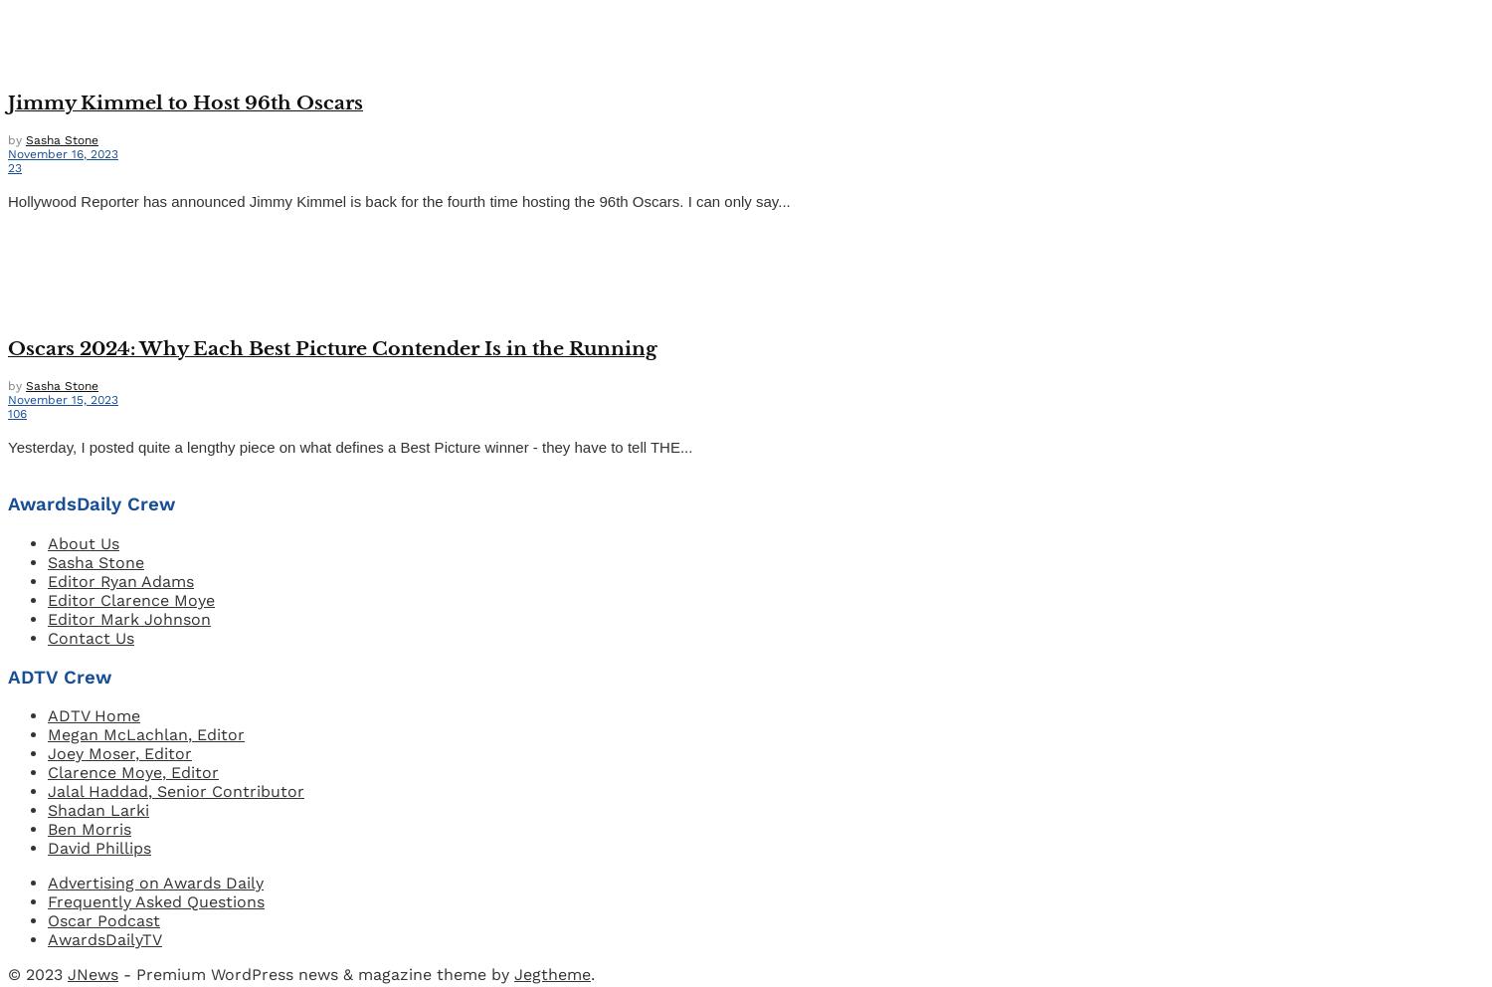 The image size is (1492, 987). Describe the element at coordinates (83, 543) in the screenshot. I see `'About Us'` at that location.